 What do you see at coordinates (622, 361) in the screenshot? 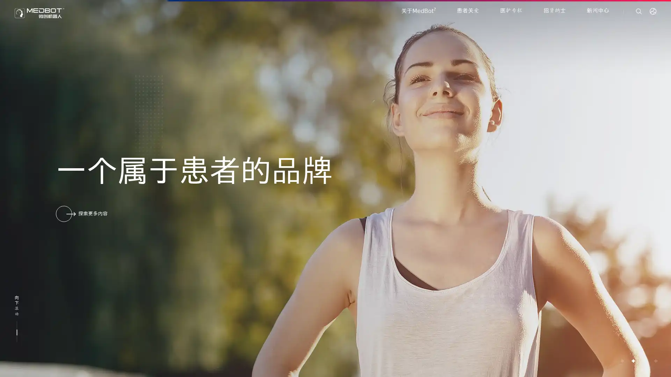
I see `Go to slide 1` at bounding box center [622, 361].